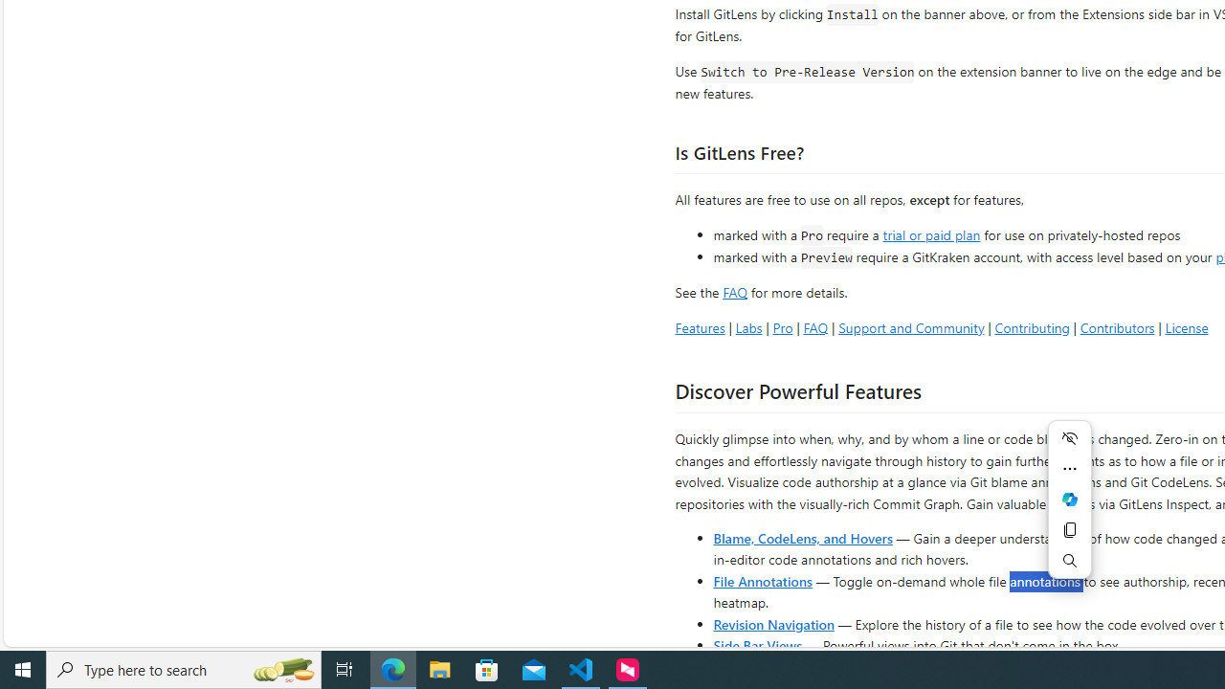  Describe the element at coordinates (931, 233) in the screenshot. I see `'trial or paid plan'` at that location.